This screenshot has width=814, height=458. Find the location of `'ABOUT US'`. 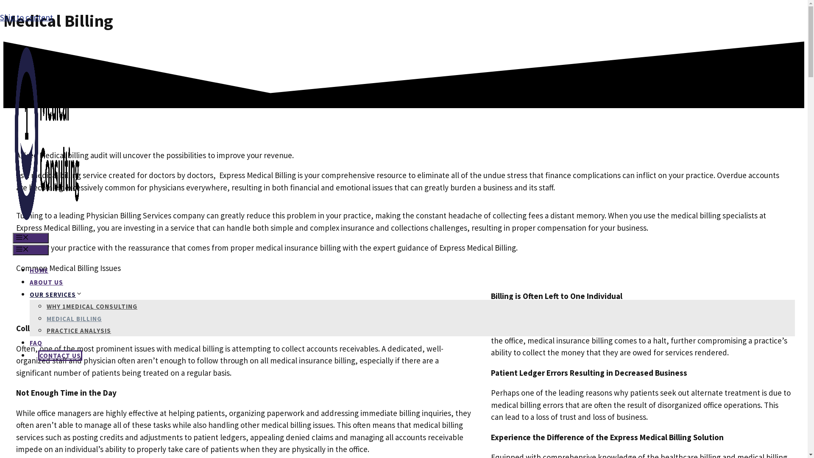

'ABOUT US' is located at coordinates (46, 282).